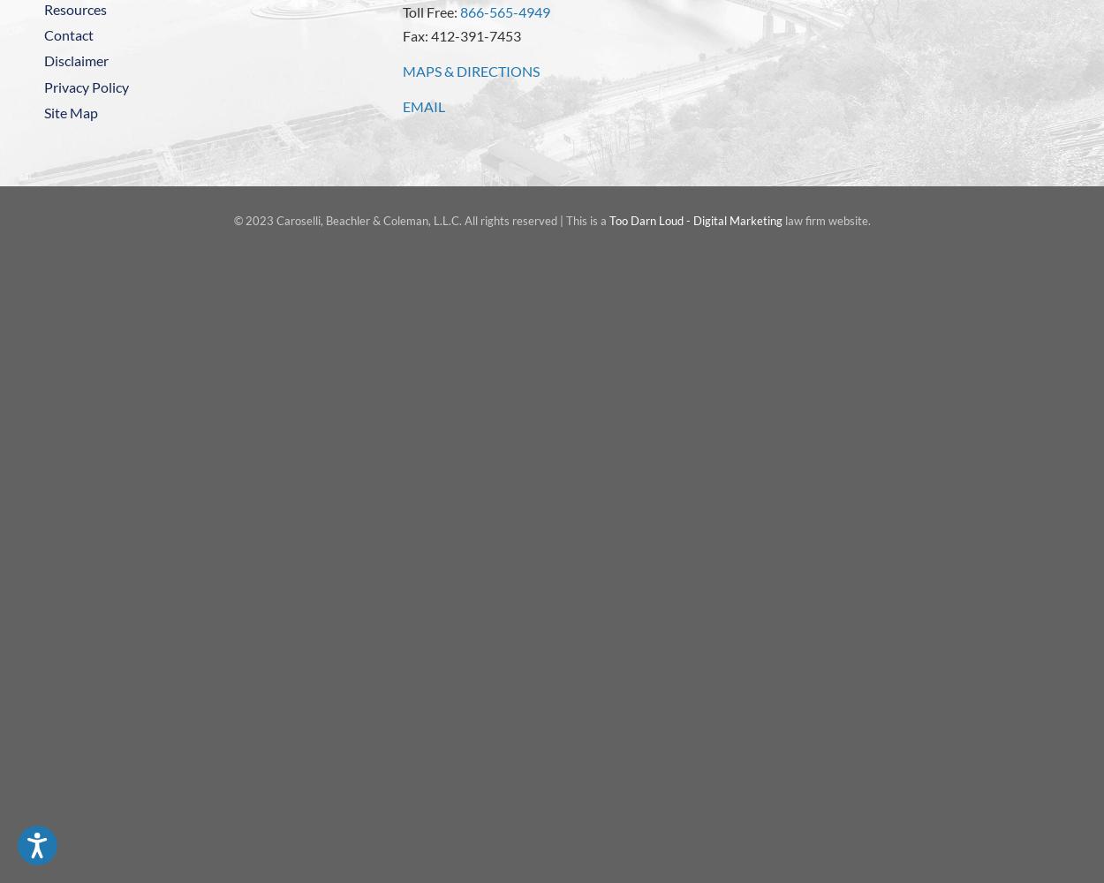  I want to click on 'Too Darn Loud - Digital Marketing', so click(695, 221).